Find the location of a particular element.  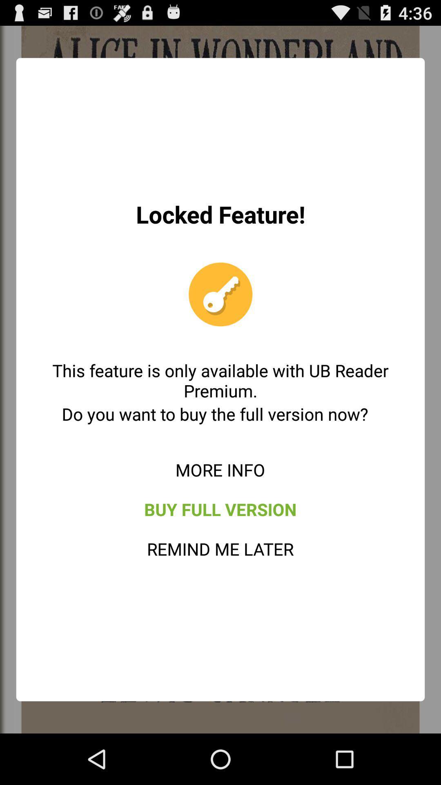

the item below do you want icon is located at coordinates (220, 469).